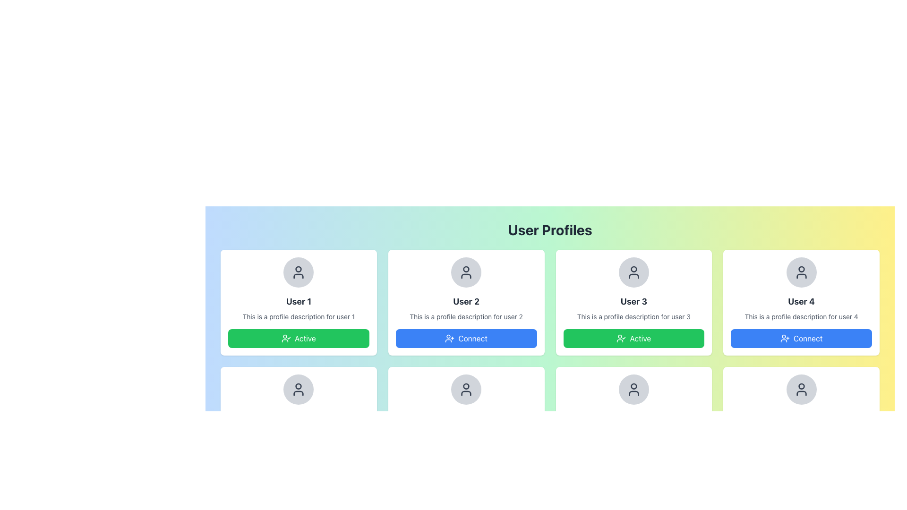 This screenshot has height=510, width=907. What do you see at coordinates (633, 317) in the screenshot?
I see `the static text displaying 'This is a profile description for user 3'` at bounding box center [633, 317].